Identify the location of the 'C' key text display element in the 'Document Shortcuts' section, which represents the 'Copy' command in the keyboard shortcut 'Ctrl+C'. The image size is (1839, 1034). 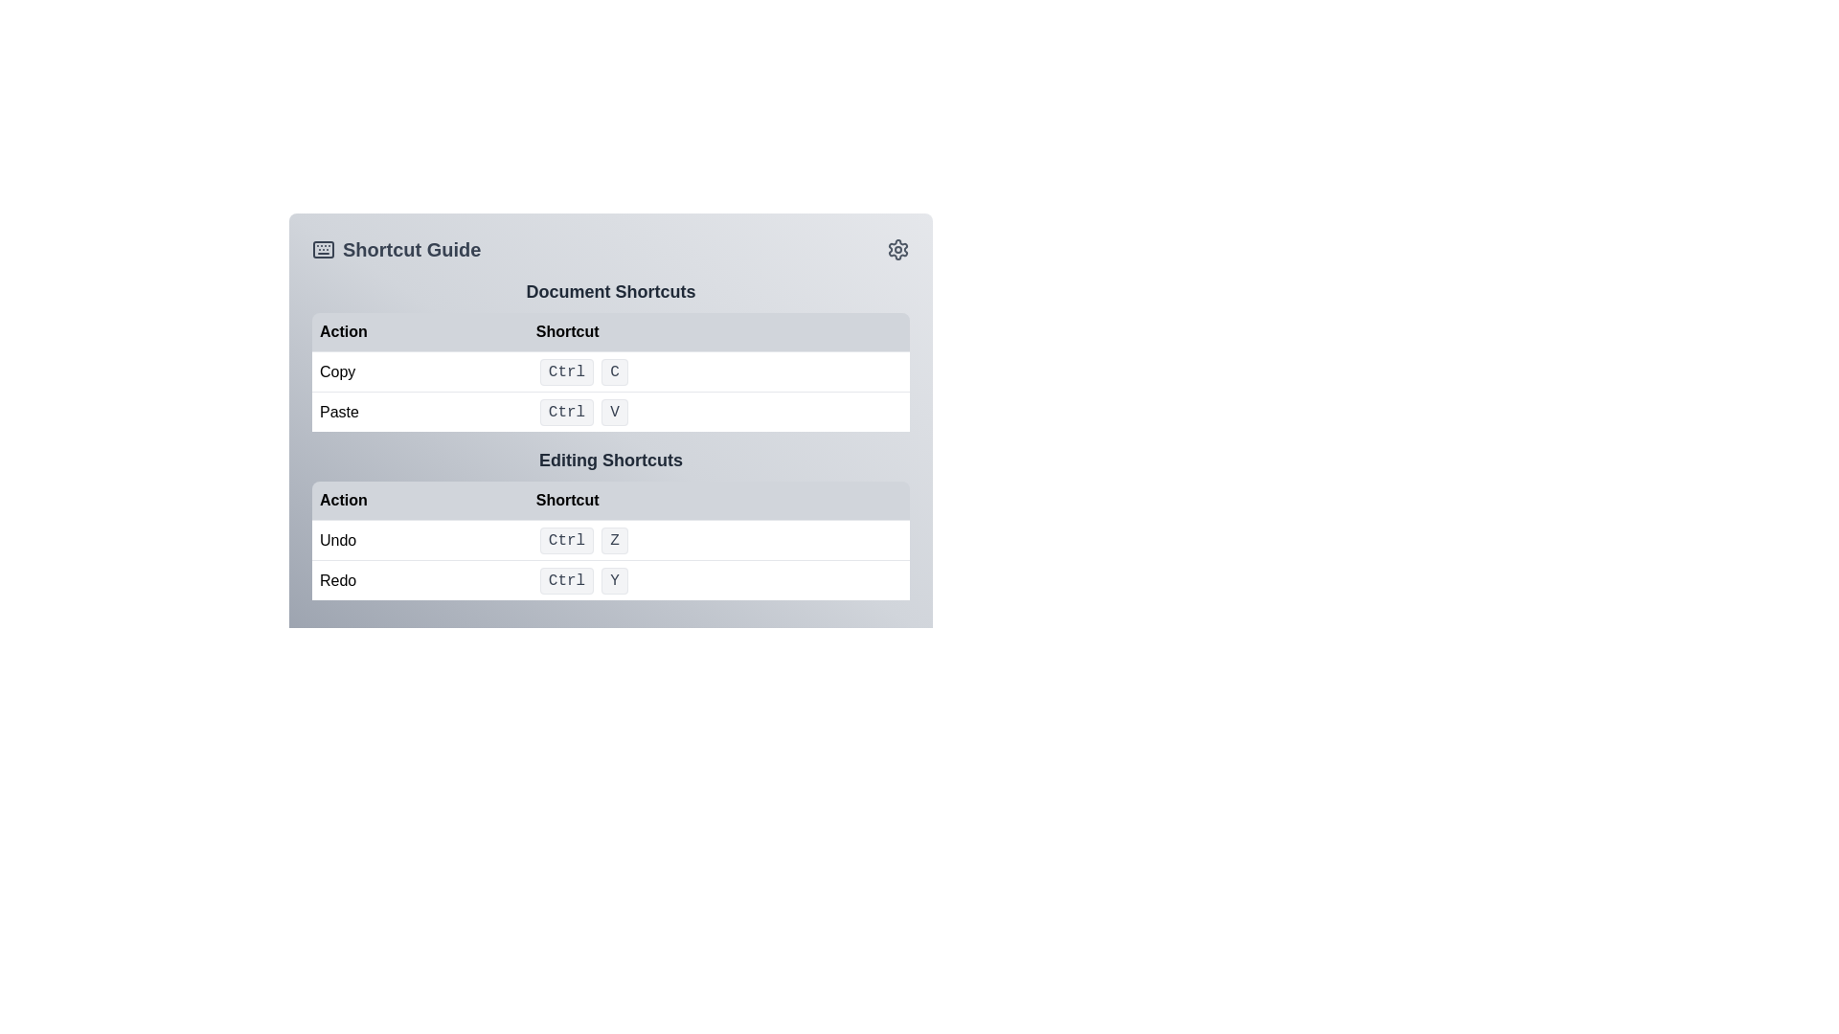
(615, 372).